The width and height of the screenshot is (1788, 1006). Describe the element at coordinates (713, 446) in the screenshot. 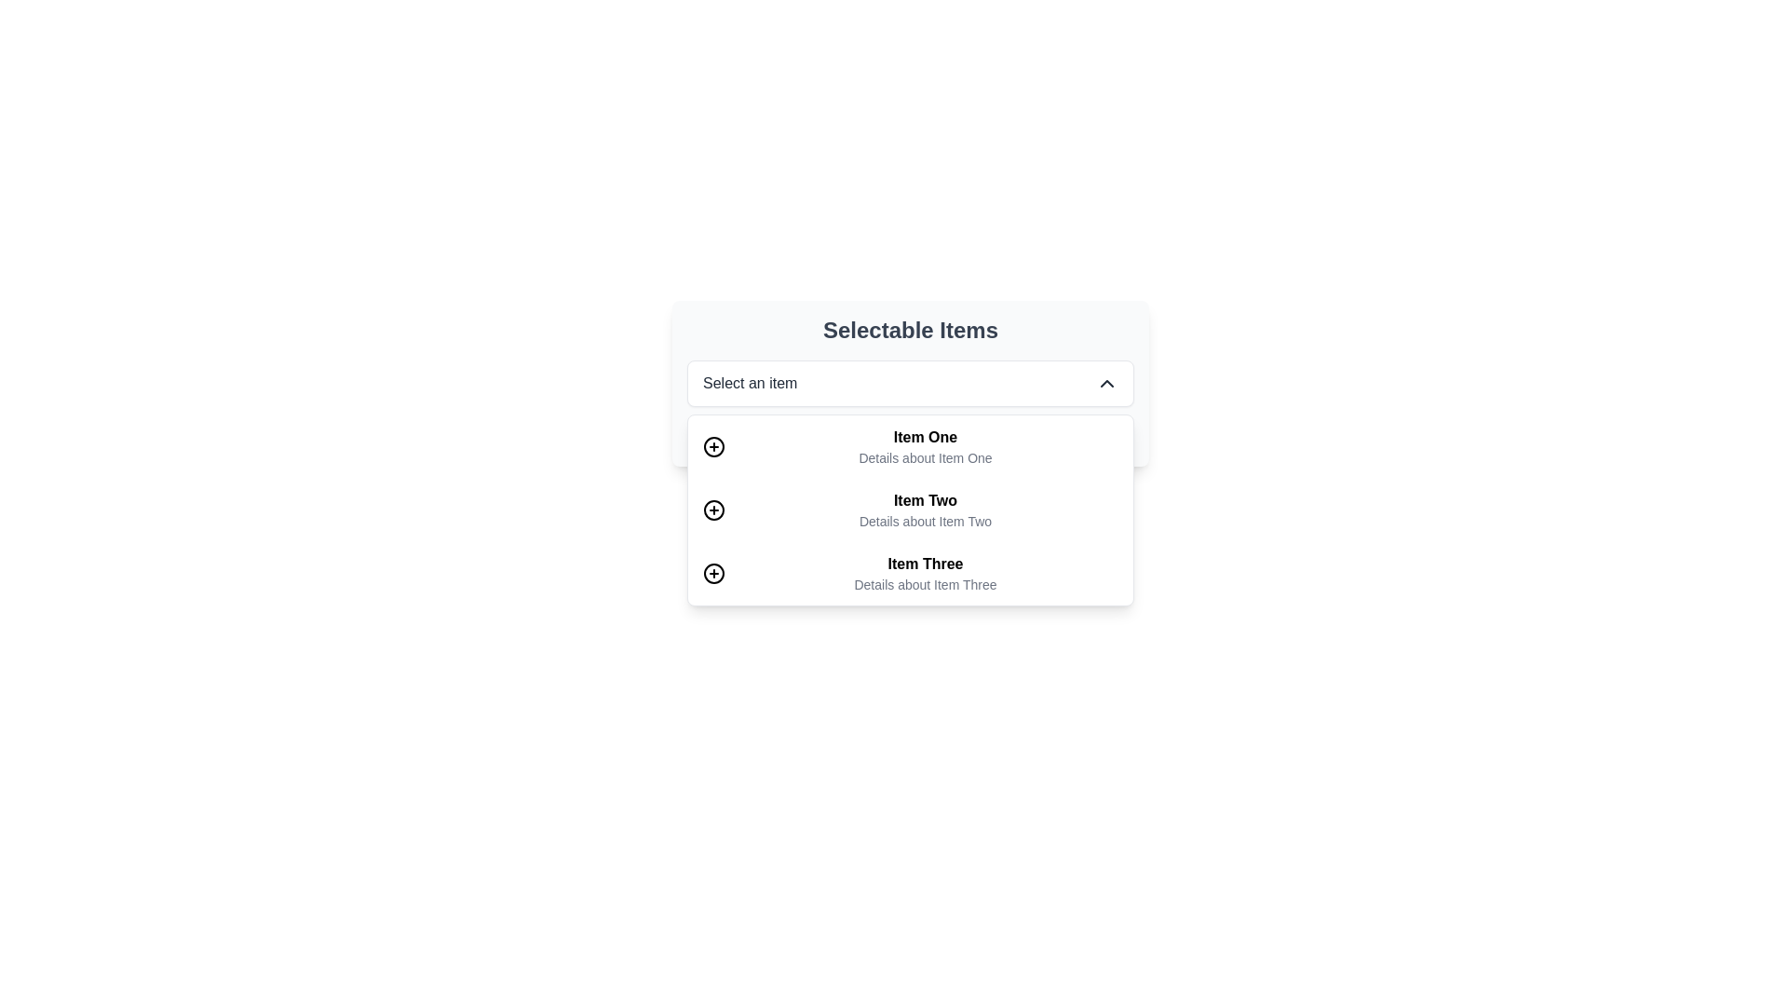

I see `the Circular Icon associated with 'Item One', which is the first icon in the vertical column next to the textual items` at that location.